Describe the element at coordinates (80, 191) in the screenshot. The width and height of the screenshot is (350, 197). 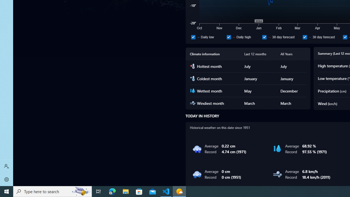
I see `'Search highlights icon opens search home window'` at that location.